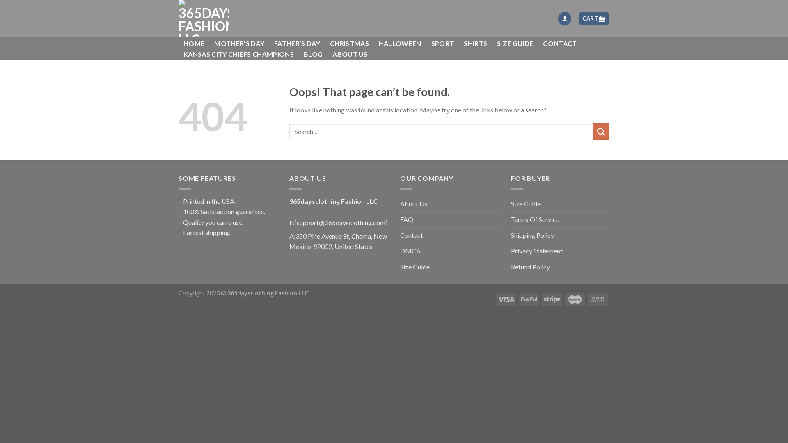 This screenshot has width=788, height=443. I want to click on 'Contact', so click(400, 235).